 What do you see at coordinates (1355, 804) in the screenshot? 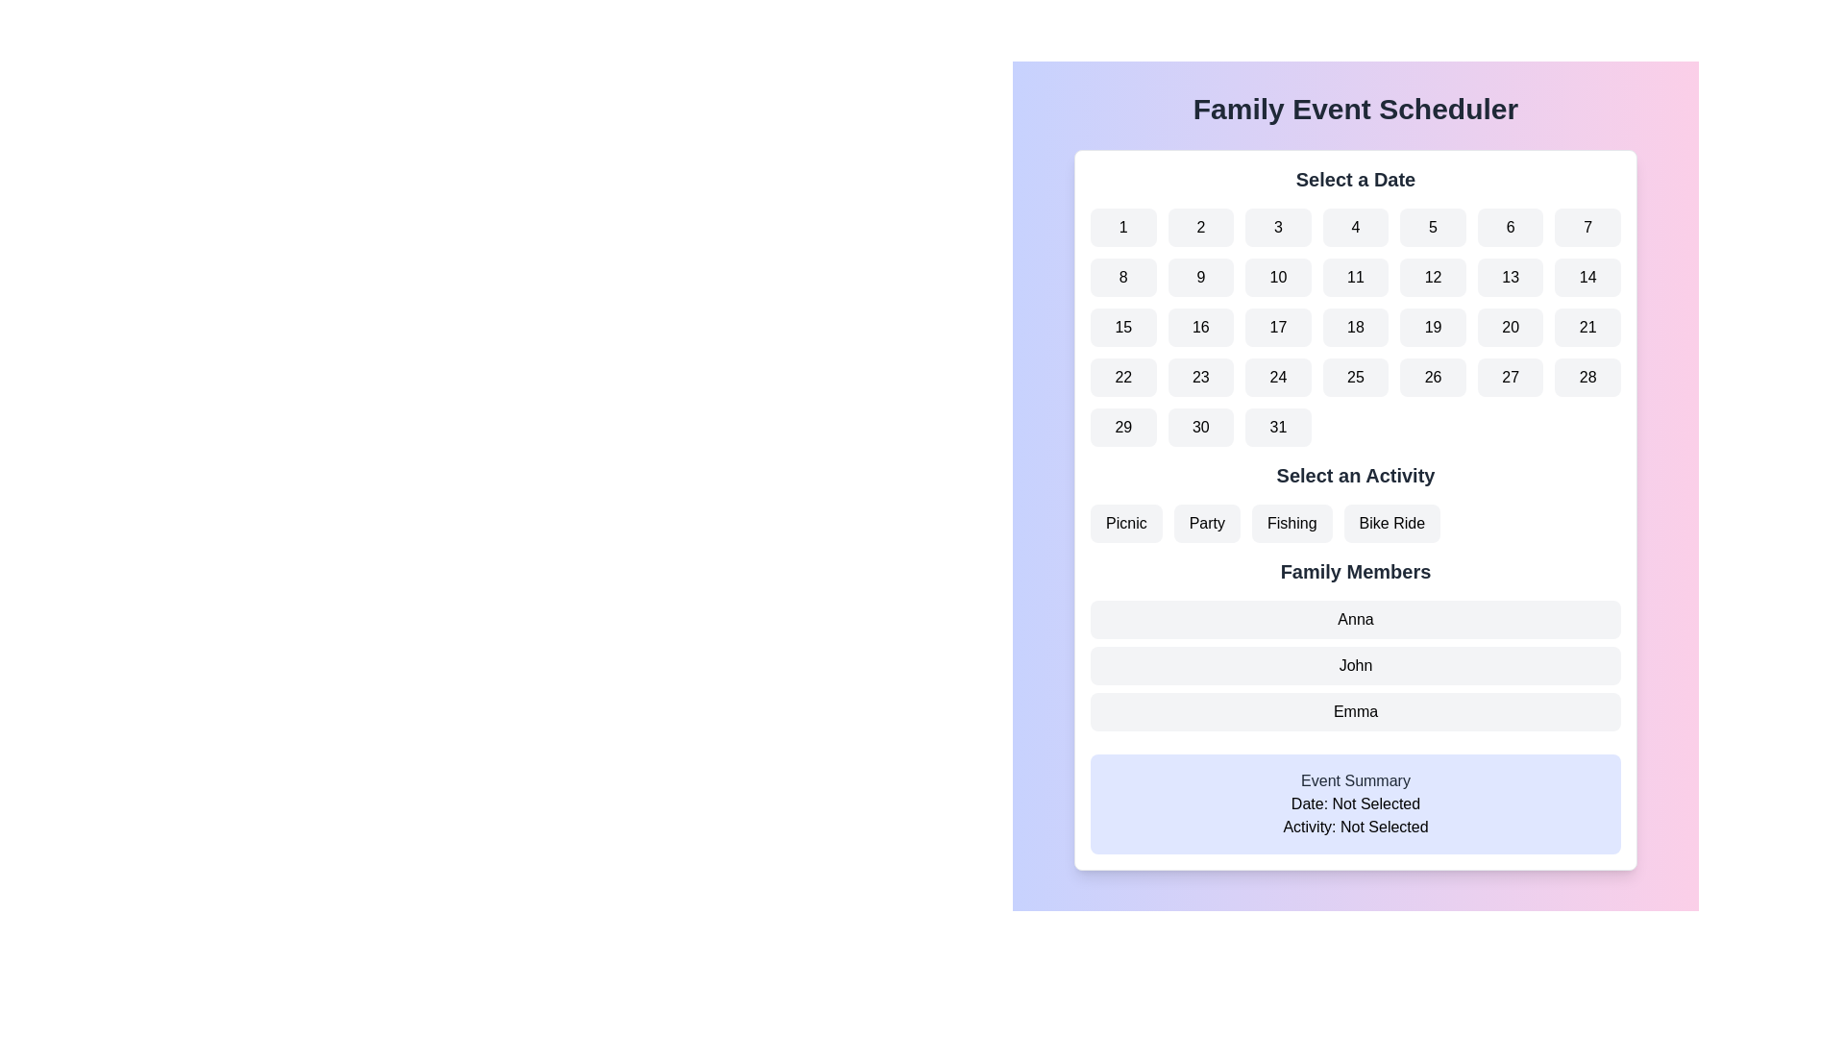
I see `the Informative panel, which is a light indigo-colored rectangular section with rounded corners, containing the title 'Event Summary' and related information below it` at bounding box center [1355, 804].